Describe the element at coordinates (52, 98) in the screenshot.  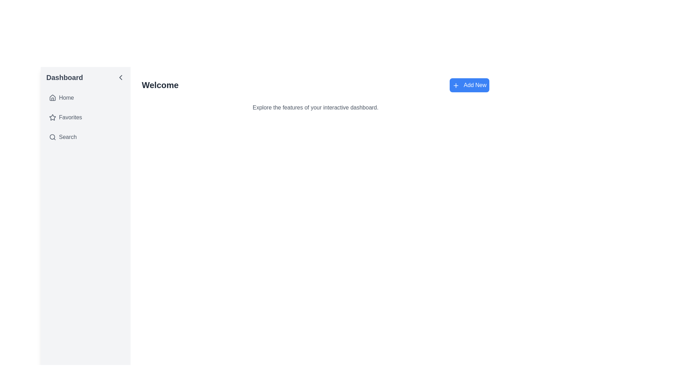
I see `the 'Home' icon located at the top of the sidebar menu, which serves as a visual representation of the home/dashboard section of the application` at that location.